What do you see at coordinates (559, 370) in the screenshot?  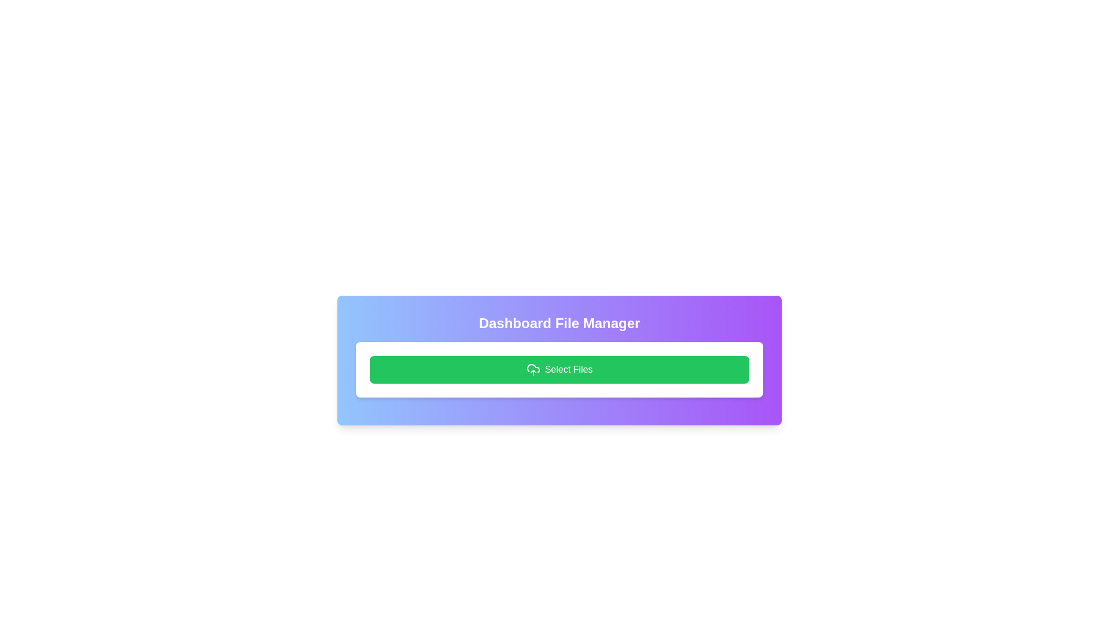 I see `the green 'Select Files' button with rounded edges located in the center of the card interface below the 'Dashboard File Manager' title to observe hover effects` at bounding box center [559, 370].